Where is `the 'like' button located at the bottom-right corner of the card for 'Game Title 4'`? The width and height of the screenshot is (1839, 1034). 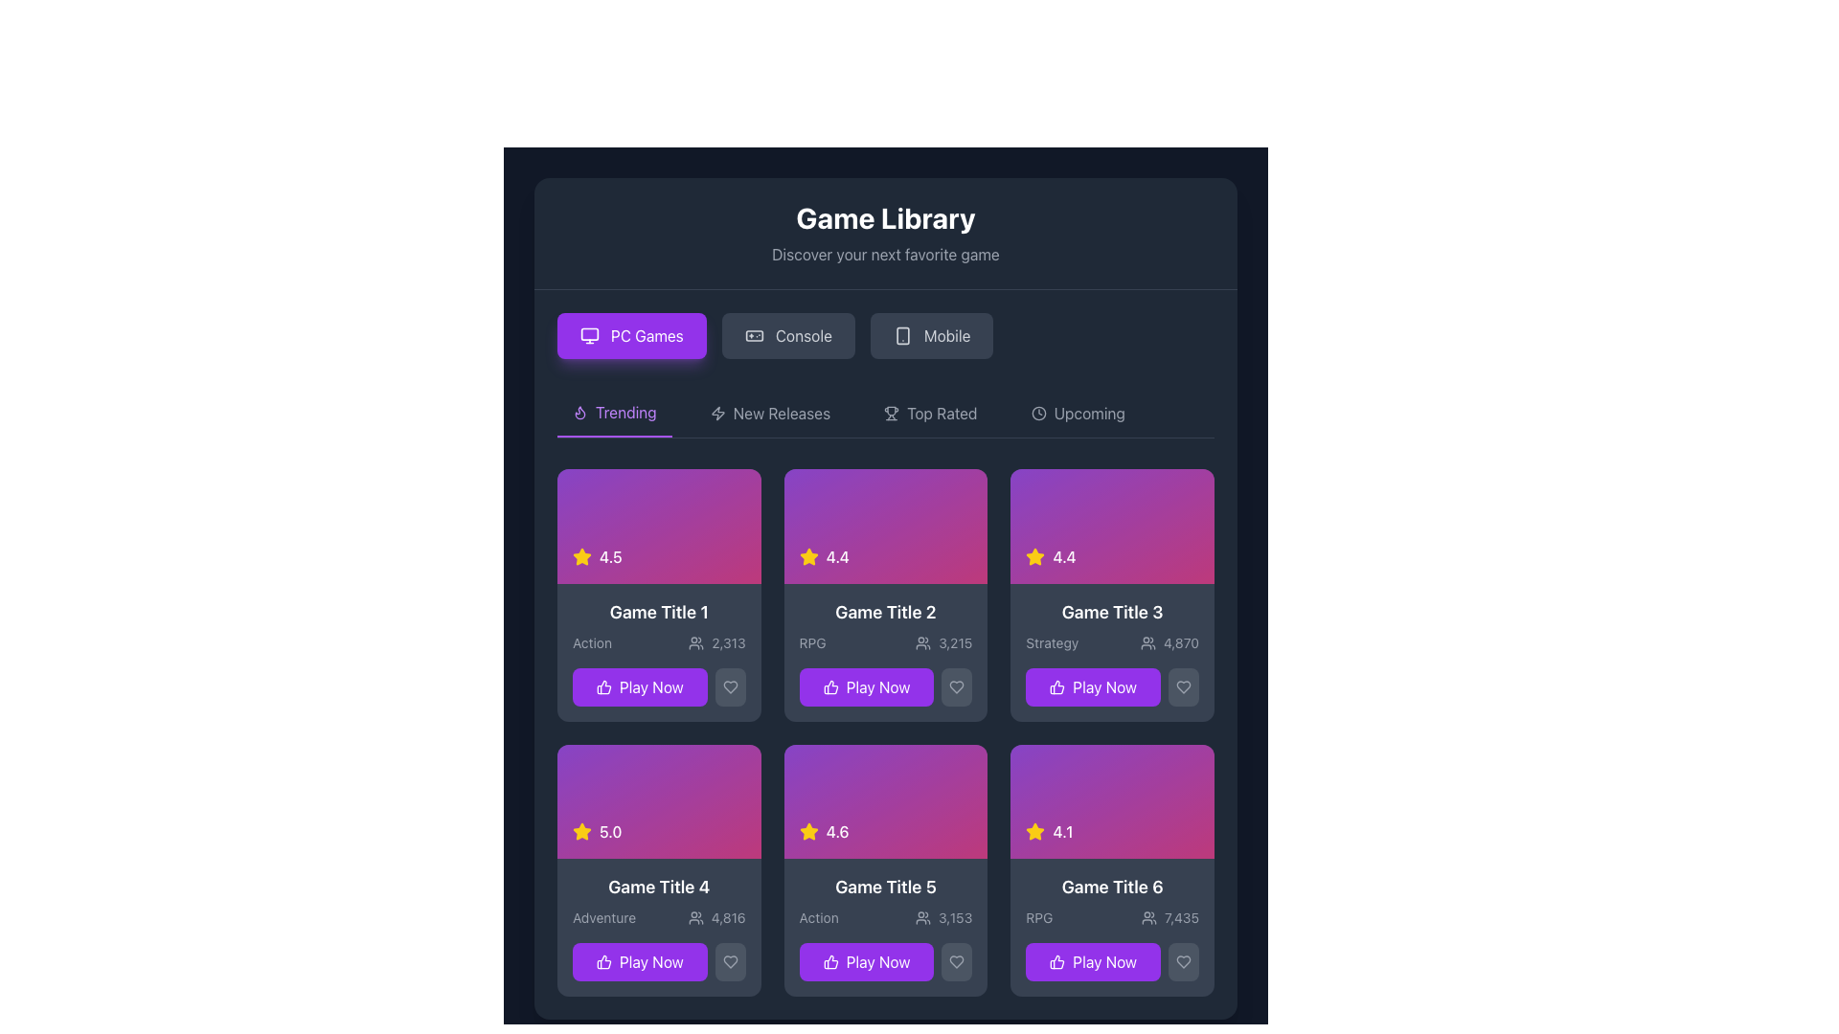 the 'like' button located at the bottom-right corner of the card for 'Game Title 4' is located at coordinates (729, 962).